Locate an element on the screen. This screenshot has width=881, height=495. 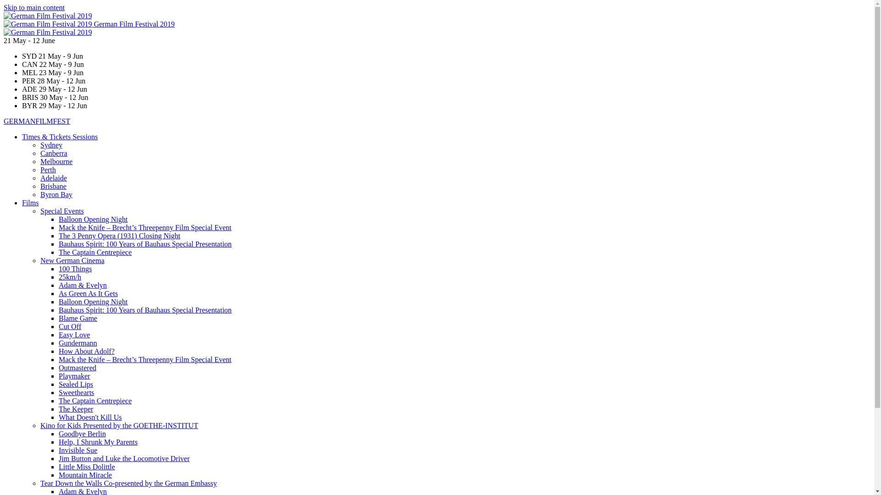
'New German Cinema' is located at coordinates (72, 260).